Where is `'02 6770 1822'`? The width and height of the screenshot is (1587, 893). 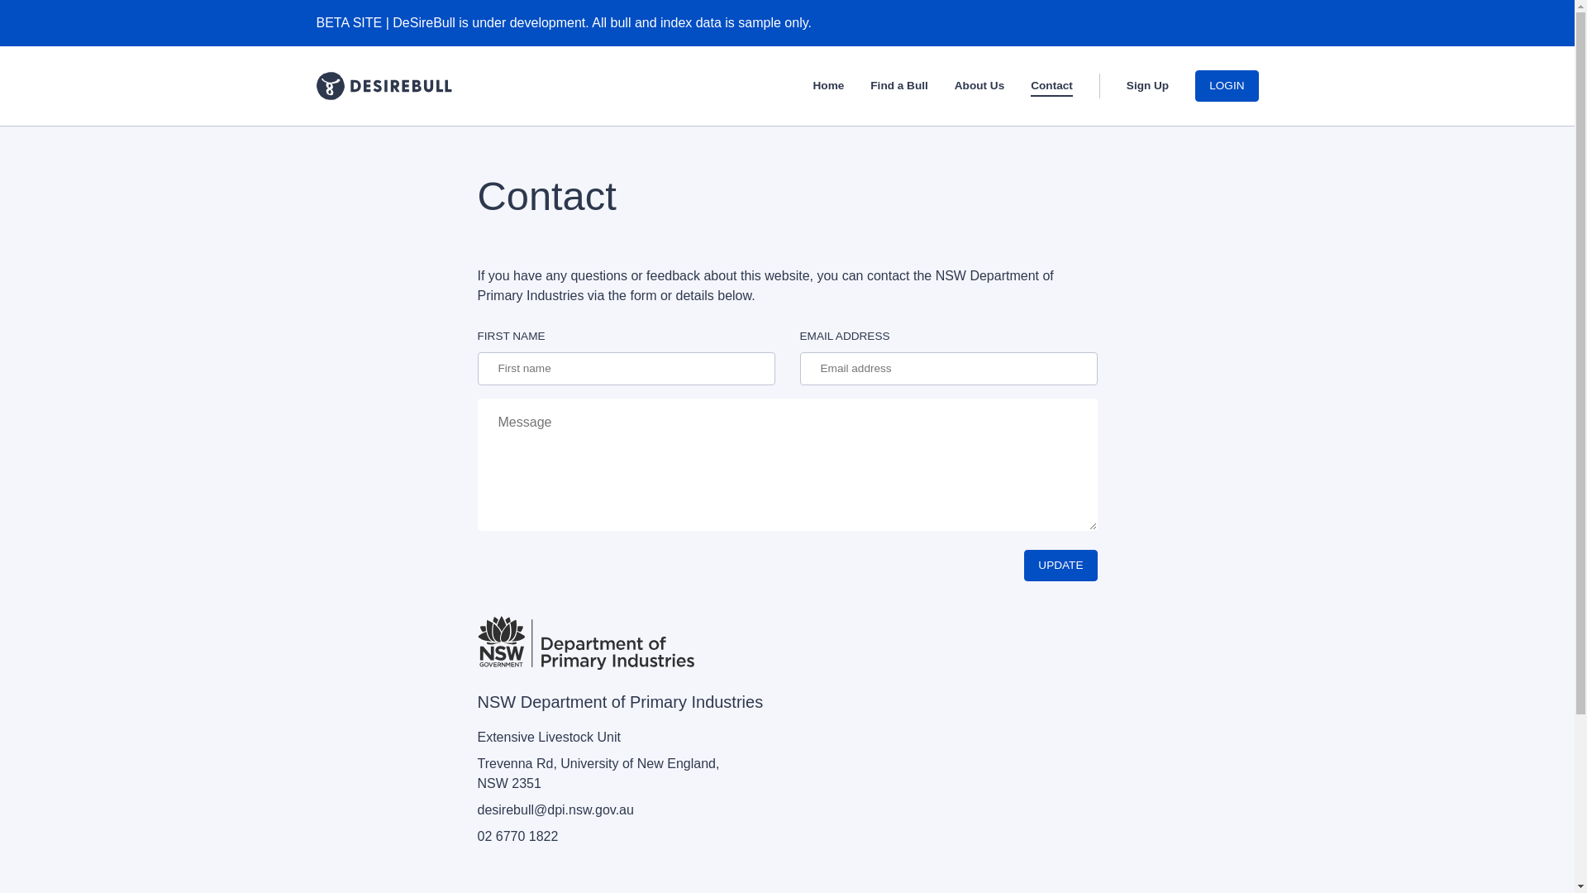 '02 6770 1822' is located at coordinates (517, 836).